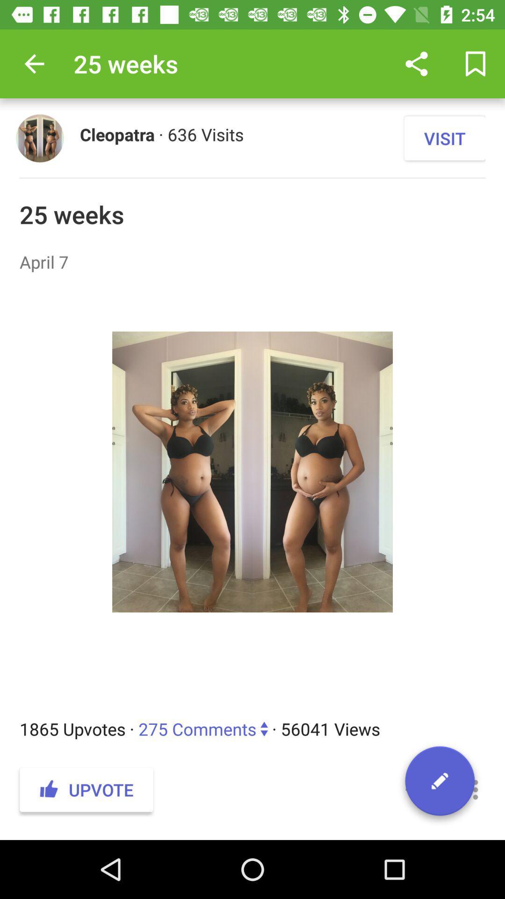 Image resolution: width=505 pixels, height=899 pixels. Describe the element at coordinates (252, 262) in the screenshot. I see `item below 25 weeks` at that location.